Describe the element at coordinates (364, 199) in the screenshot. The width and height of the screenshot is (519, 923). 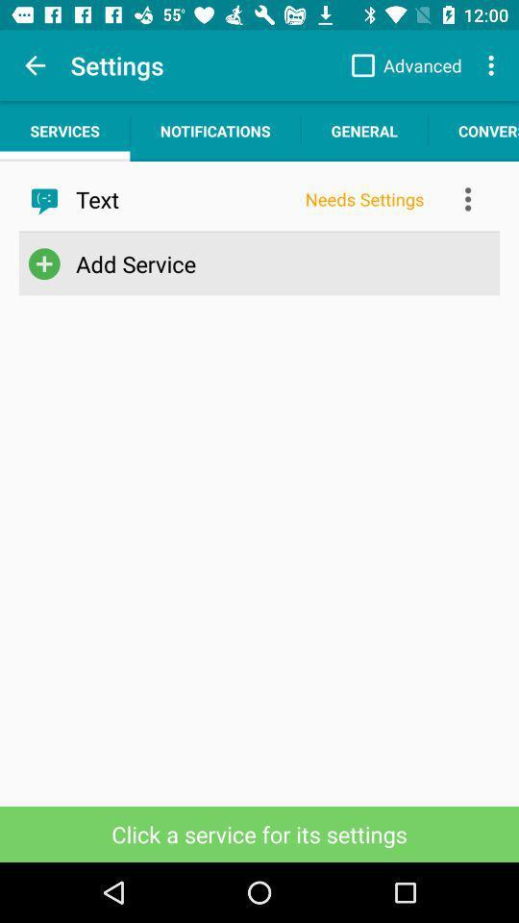
I see `app next to the text item` at that location.